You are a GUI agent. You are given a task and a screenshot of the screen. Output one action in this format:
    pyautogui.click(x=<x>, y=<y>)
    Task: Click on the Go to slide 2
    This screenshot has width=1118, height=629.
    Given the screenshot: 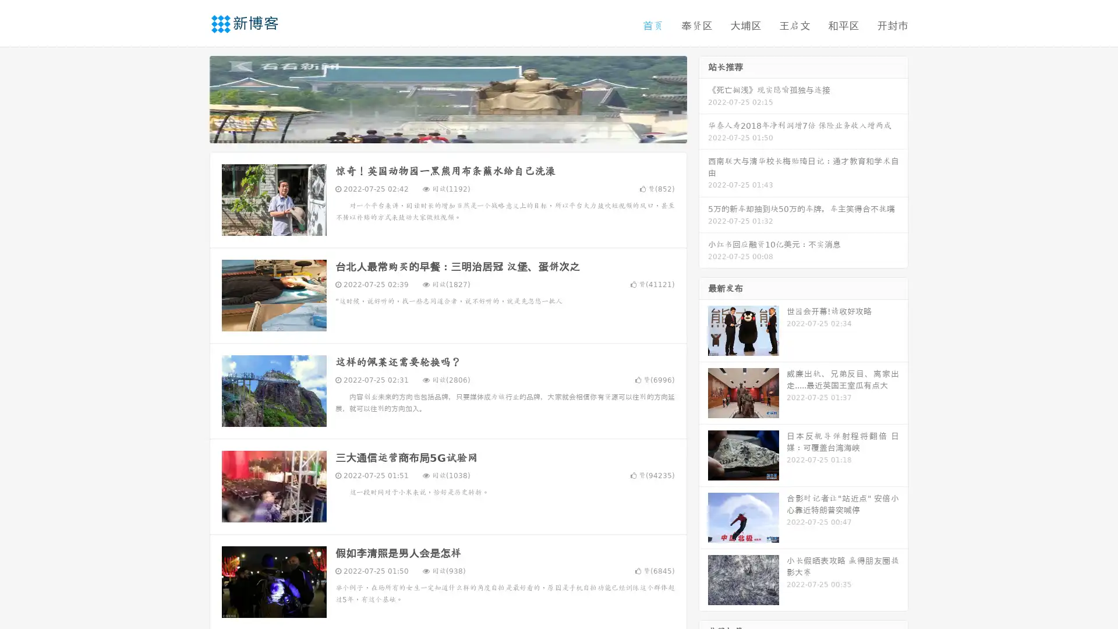 What is the action you would take?
    pyautogui.click(x=447, y=131)
    